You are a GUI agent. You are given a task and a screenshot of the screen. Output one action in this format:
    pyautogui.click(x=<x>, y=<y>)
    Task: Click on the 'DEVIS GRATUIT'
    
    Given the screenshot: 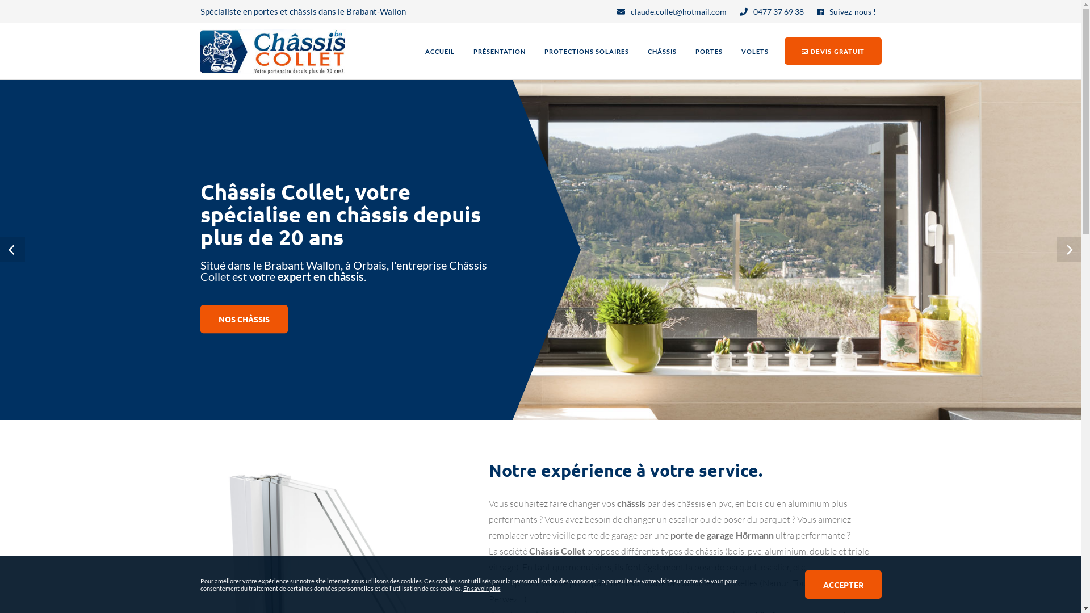 What is the action you would take?
    pyautogui.click(x=833, y=50)
    